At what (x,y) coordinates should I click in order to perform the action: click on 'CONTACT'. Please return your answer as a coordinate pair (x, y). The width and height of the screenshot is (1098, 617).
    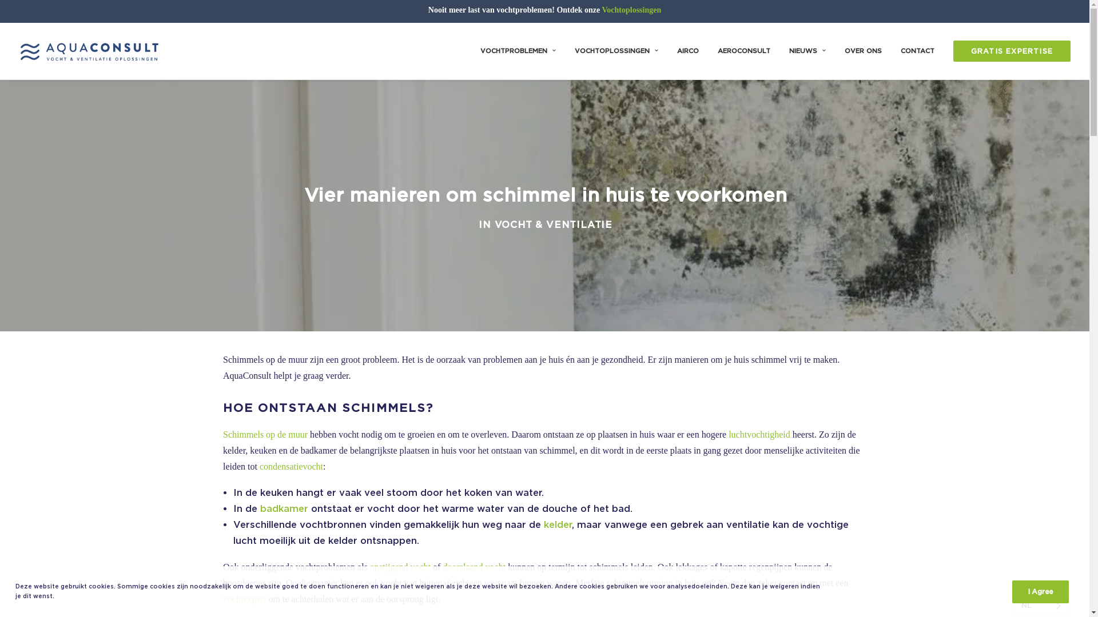
    Looking at the image, I should click on (917, 50).